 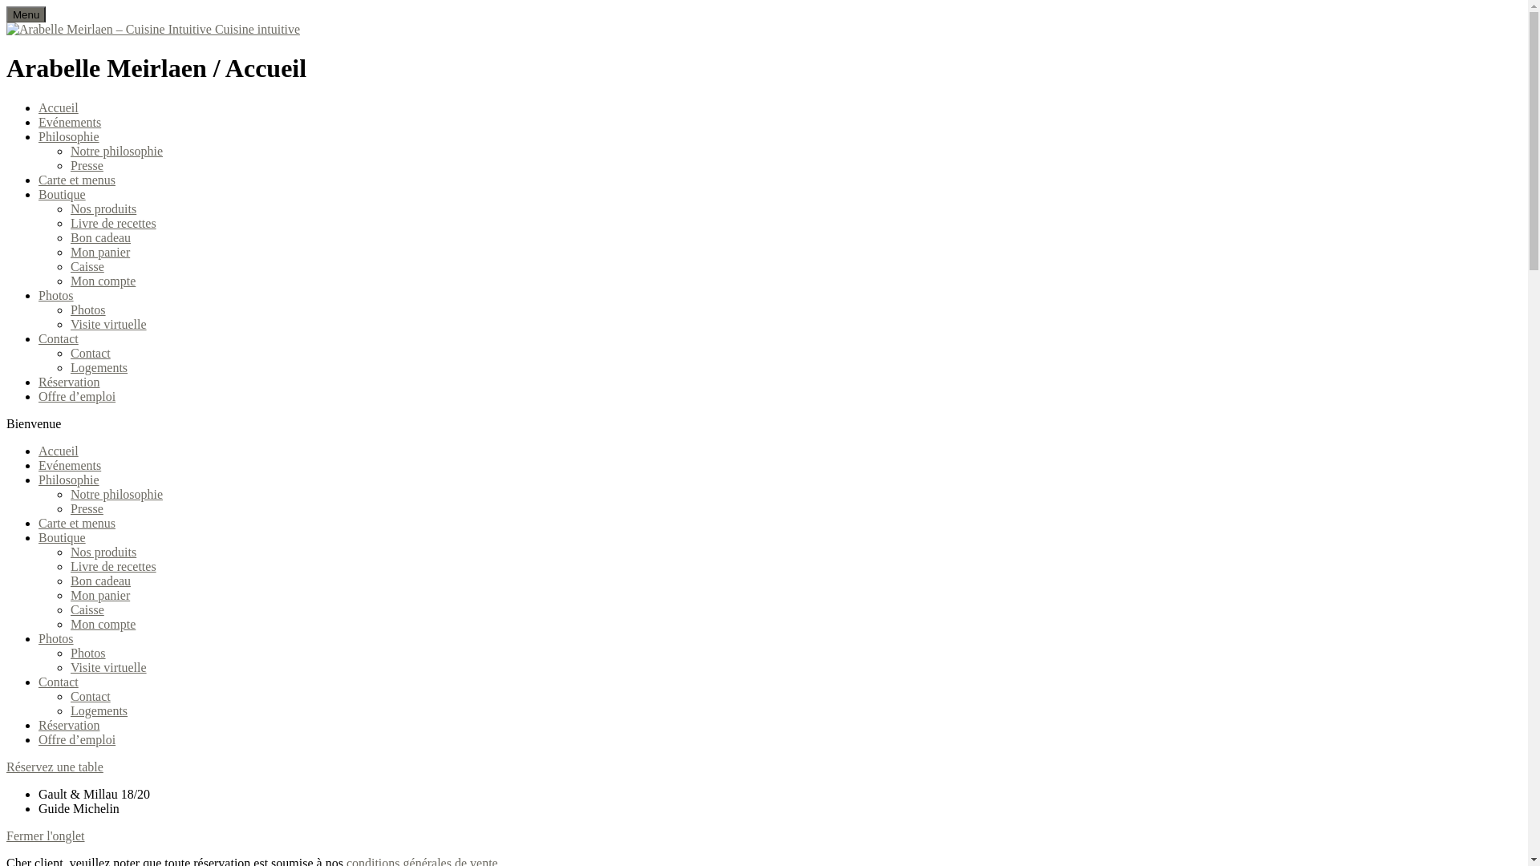 I want to click on 'Mon panier', so click(x=99, y=595).